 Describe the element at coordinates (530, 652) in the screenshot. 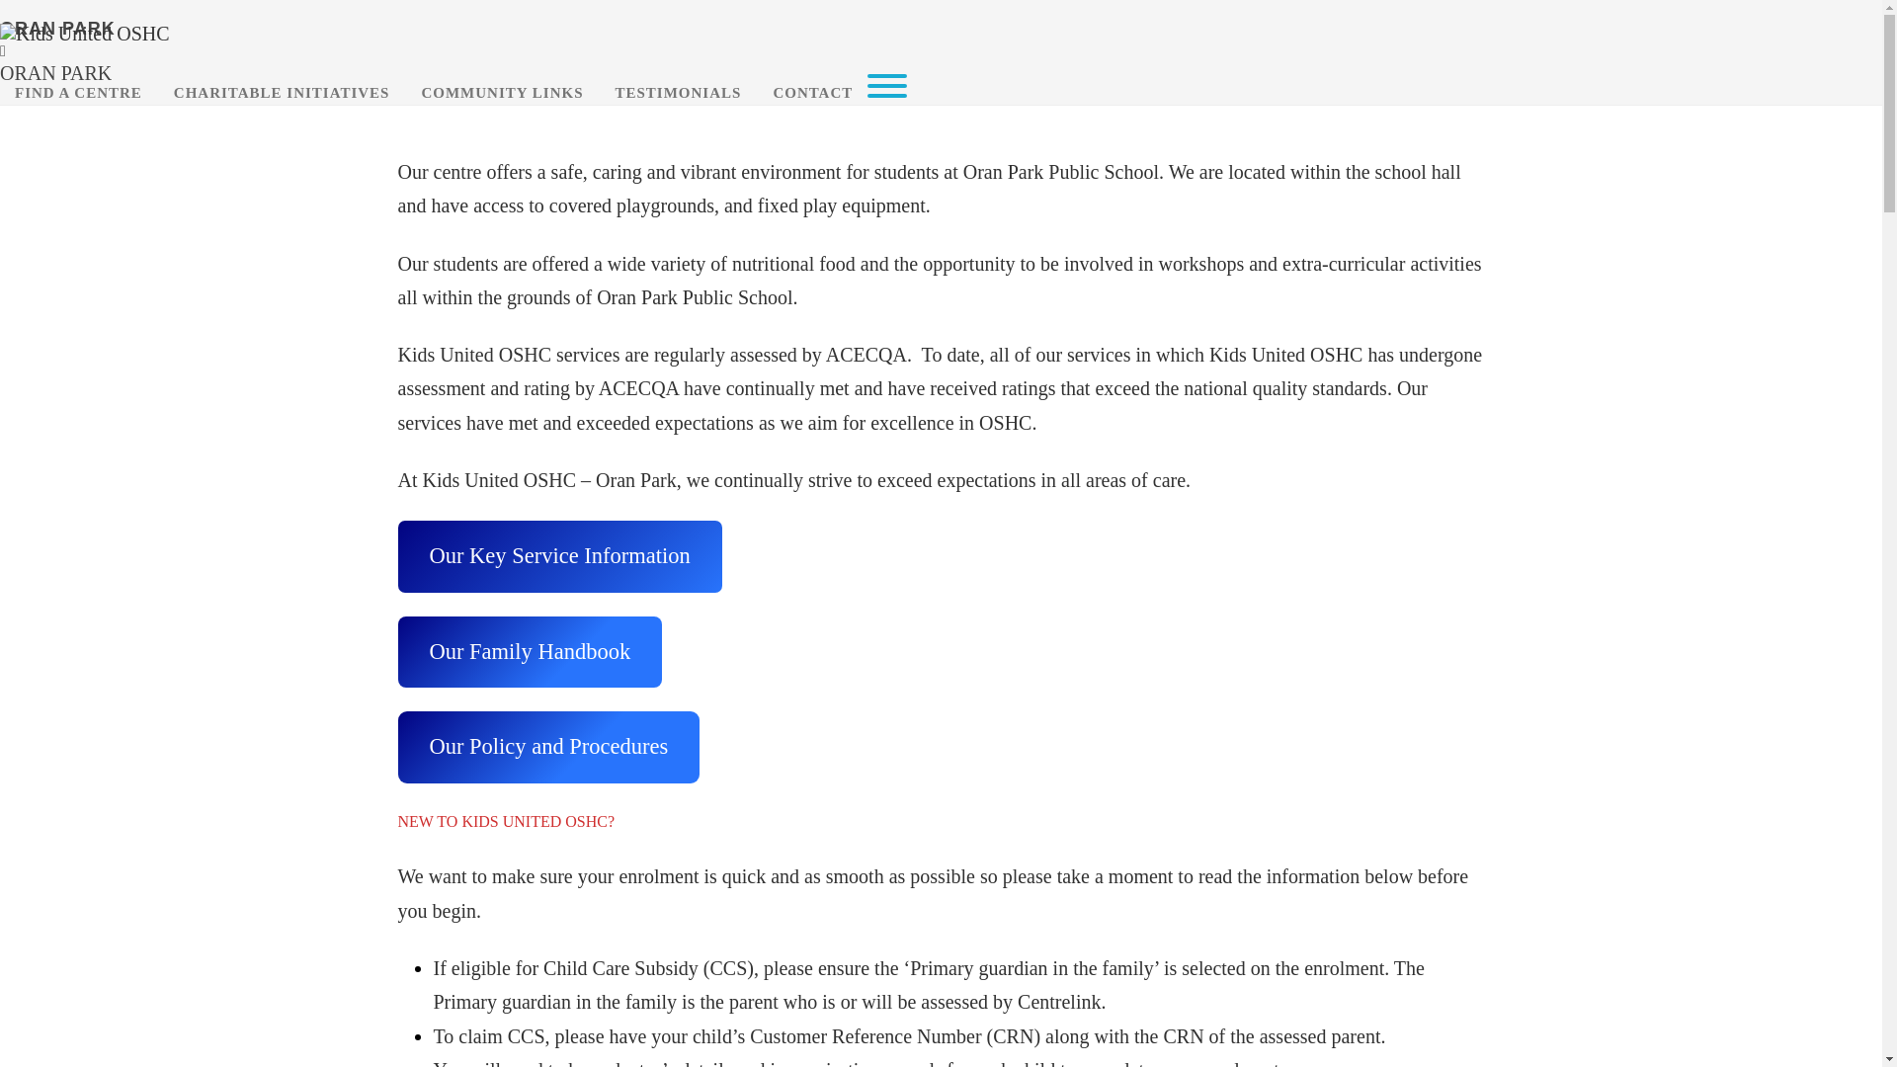

I see `'Our Family Handbook'` at that location.